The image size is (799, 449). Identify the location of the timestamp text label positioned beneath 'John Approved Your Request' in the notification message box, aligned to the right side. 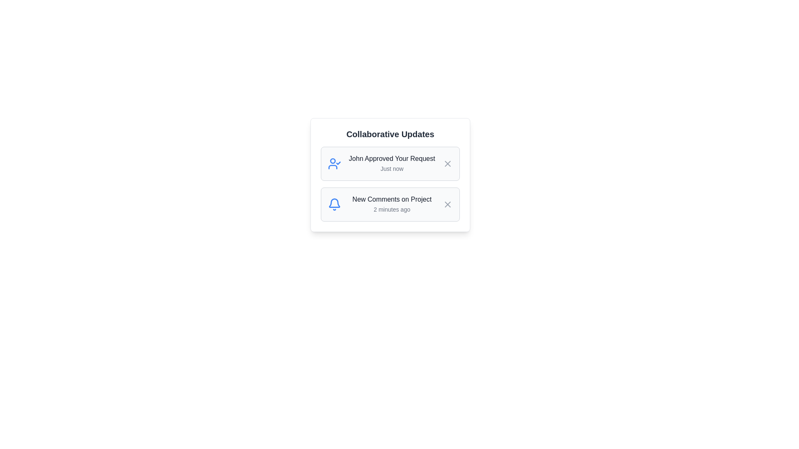
(391, 168).